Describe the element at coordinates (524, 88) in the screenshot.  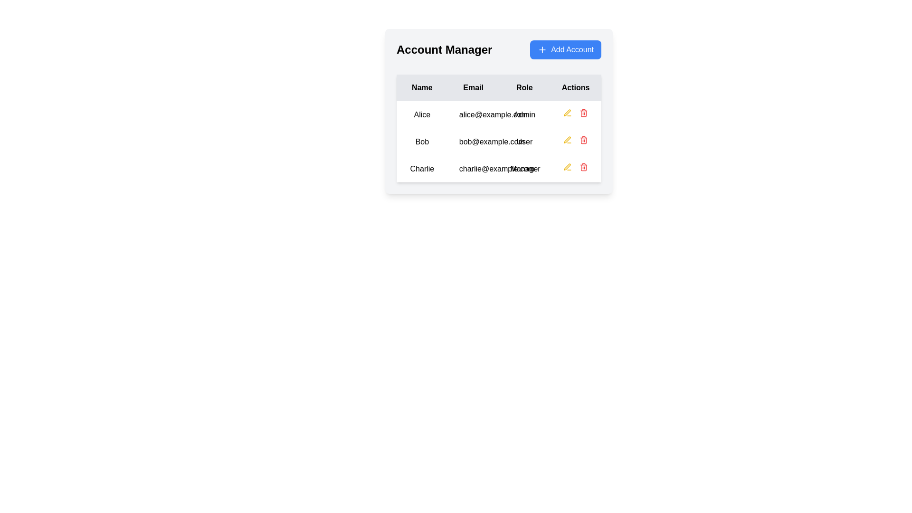
I see `the text label element that reads 'Role', which is styled in bold and centered in the header section of a data table` at that location.